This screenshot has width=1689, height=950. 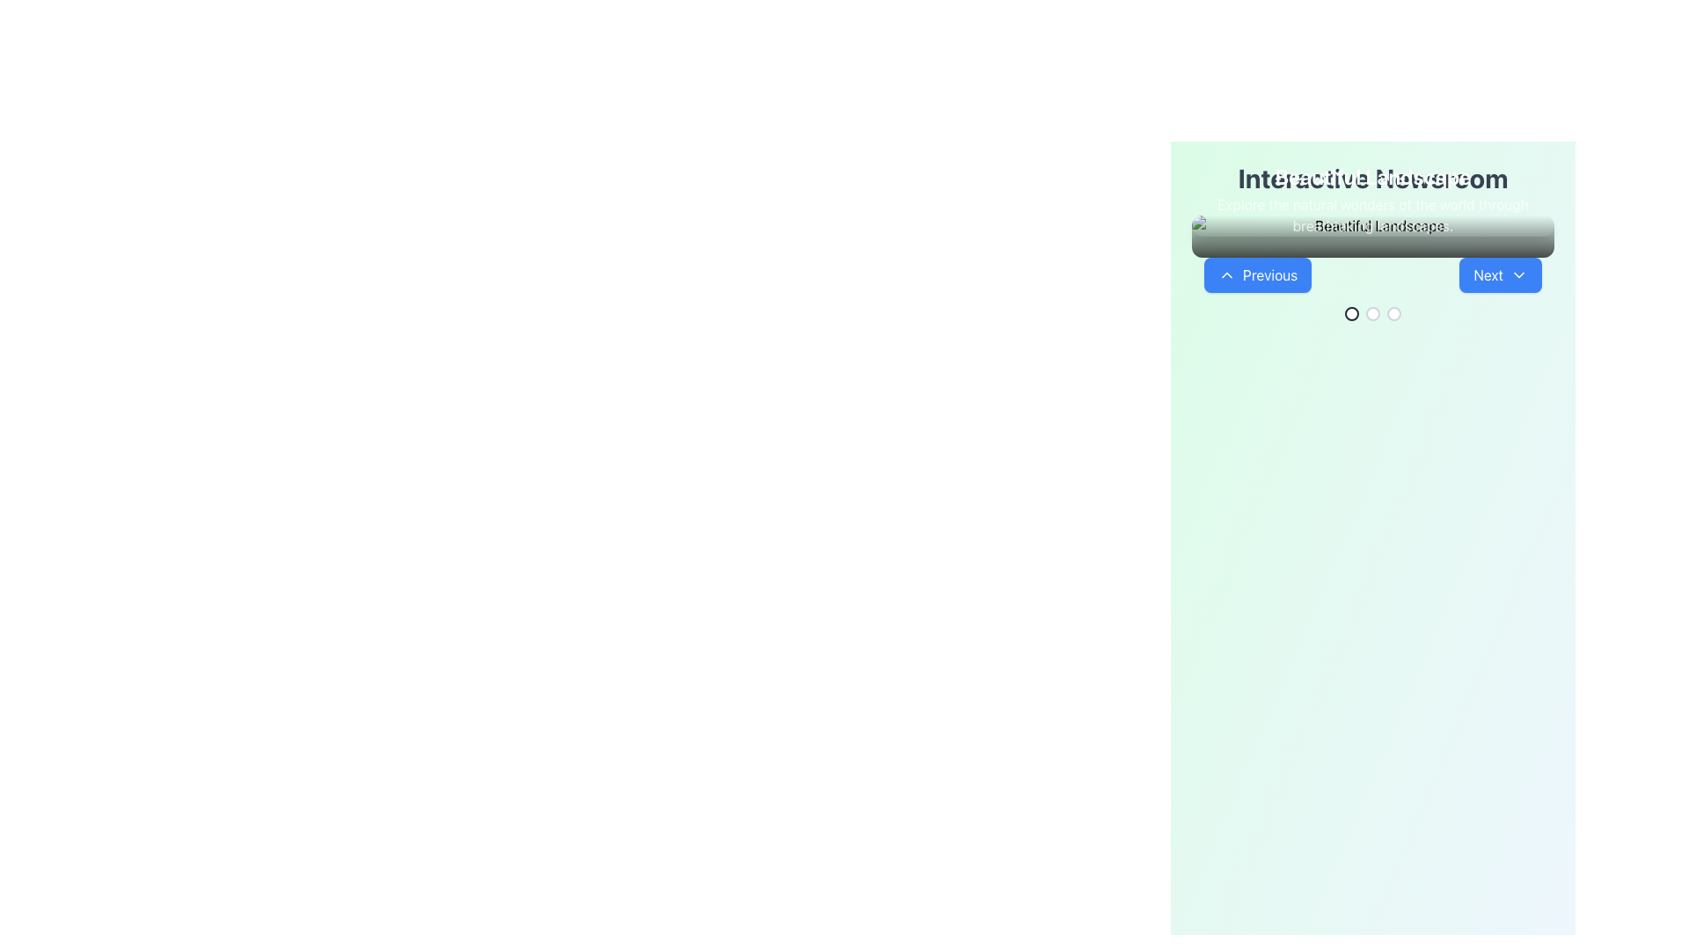 What do you see at coordinates (1371, 236) in the screenshot?
I see `text displayed in the overlay, which provides a title and subtitle for the content below, positioned above the navigation buttons` at bounding box center [1371, 236].